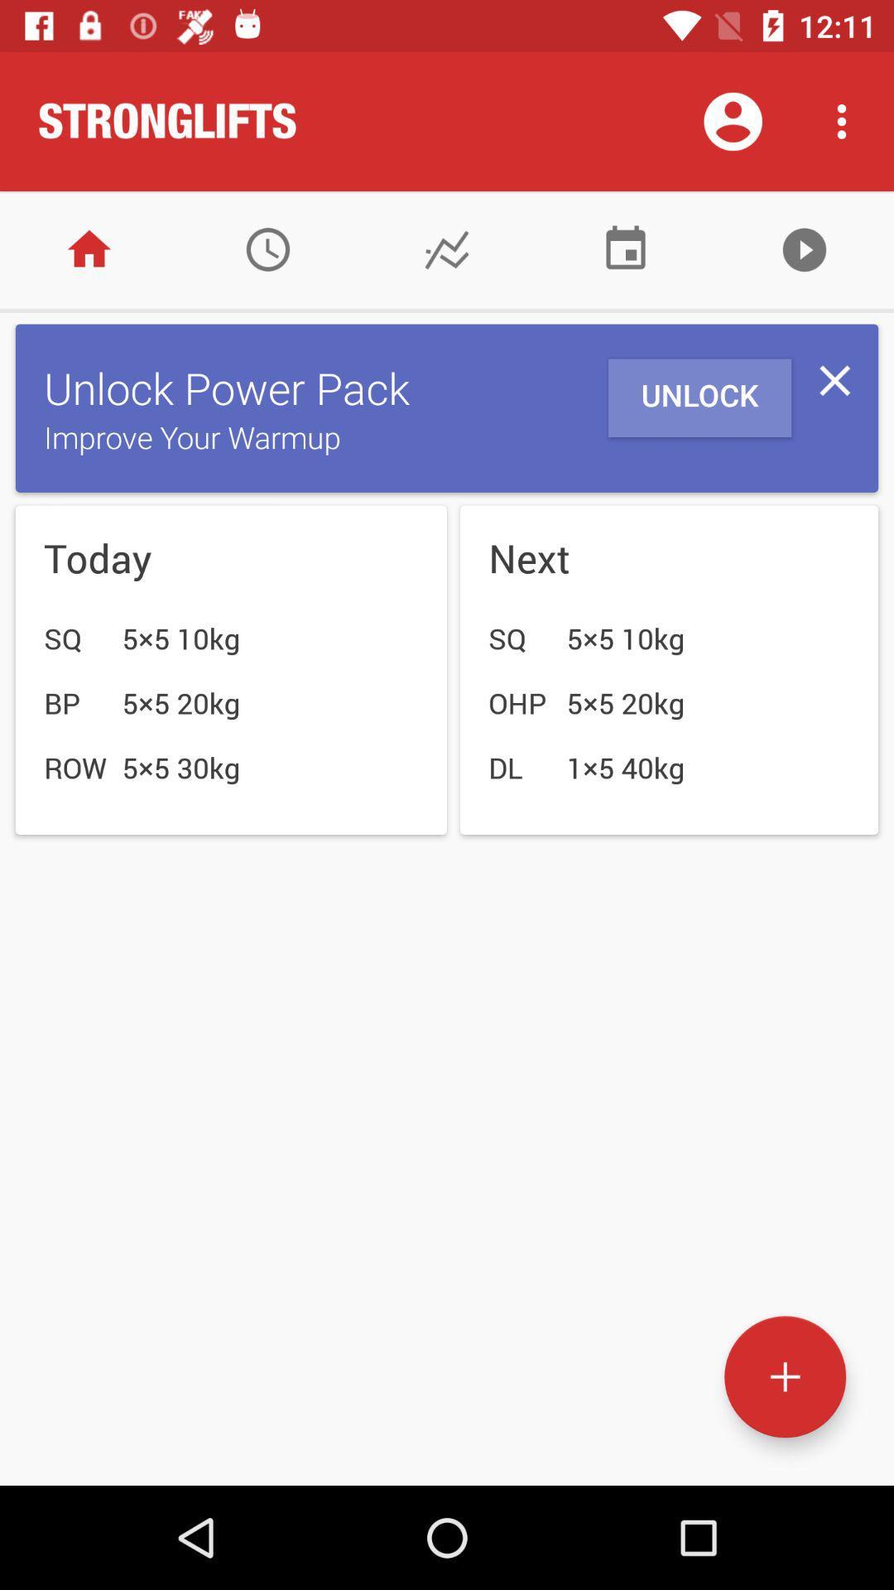 The image size is (894, 1590). I want to click on open schedule, so click(267, 248).